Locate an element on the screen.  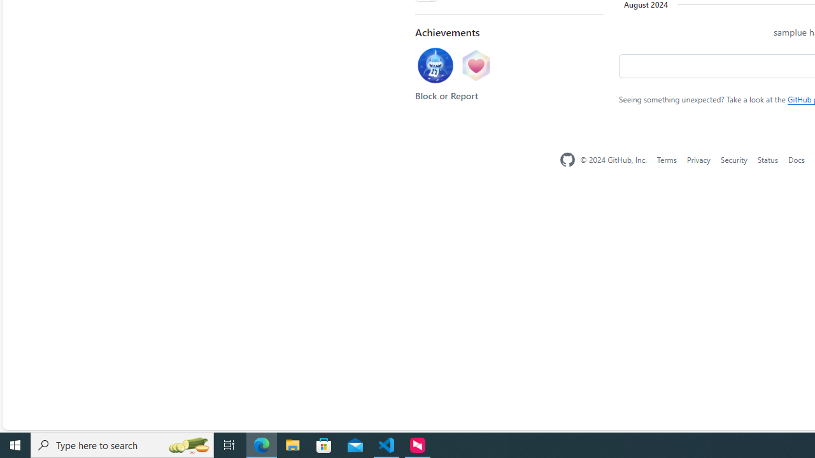
'Homepage' is located at coordinates (567, 159).